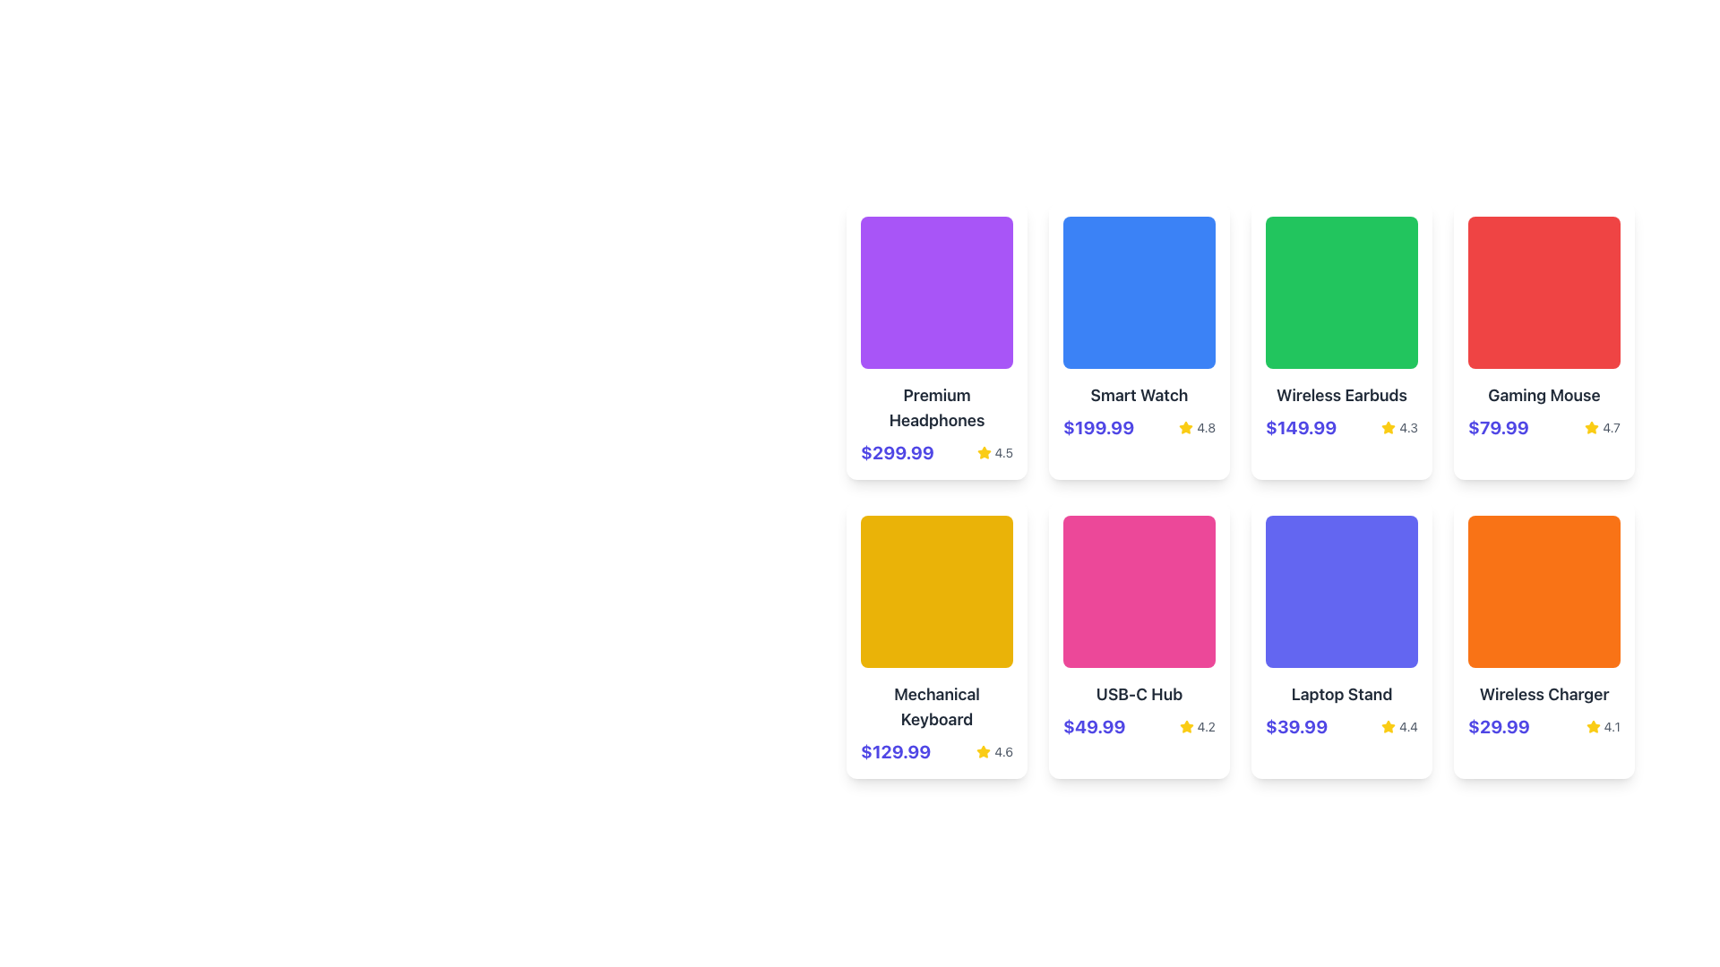 The width and height of the screenshot is (1720, 967). I want to click on the star icon representing the rating for the 'Premium Headphones' product, located to the left of the numeric rating '4.5', so click(983, 451).